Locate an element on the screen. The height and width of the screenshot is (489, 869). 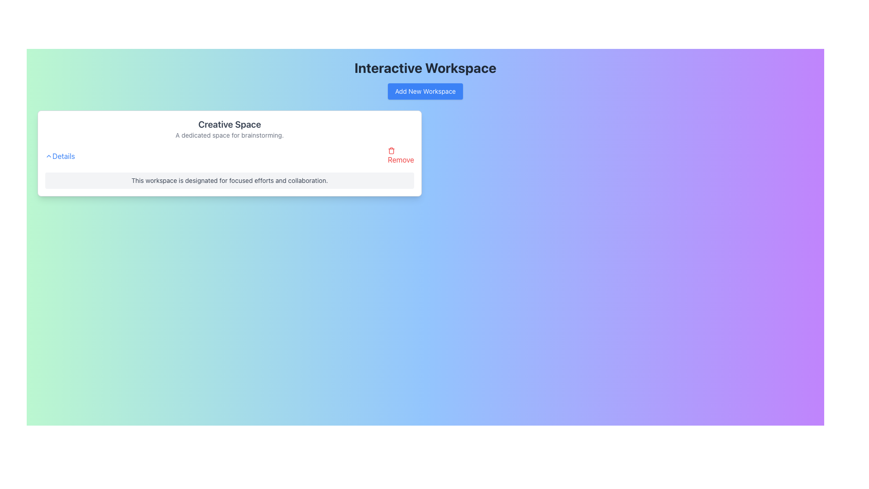
the red outlined trash can icon located to the left of the word 'Remove' within the 'Creative Space' card is located at coordinates (391, 150).